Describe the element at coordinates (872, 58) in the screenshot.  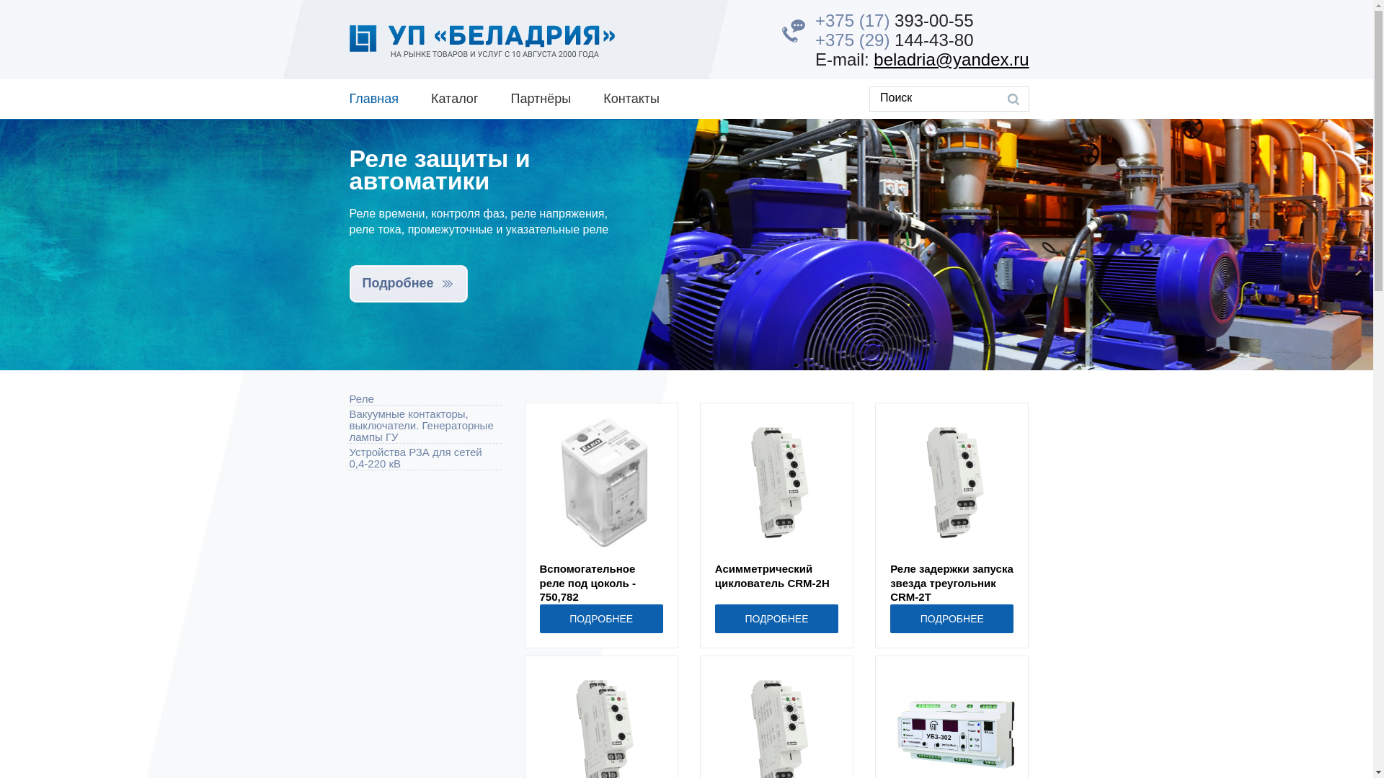
I see `'beladria@yandex.ru'` at that location.